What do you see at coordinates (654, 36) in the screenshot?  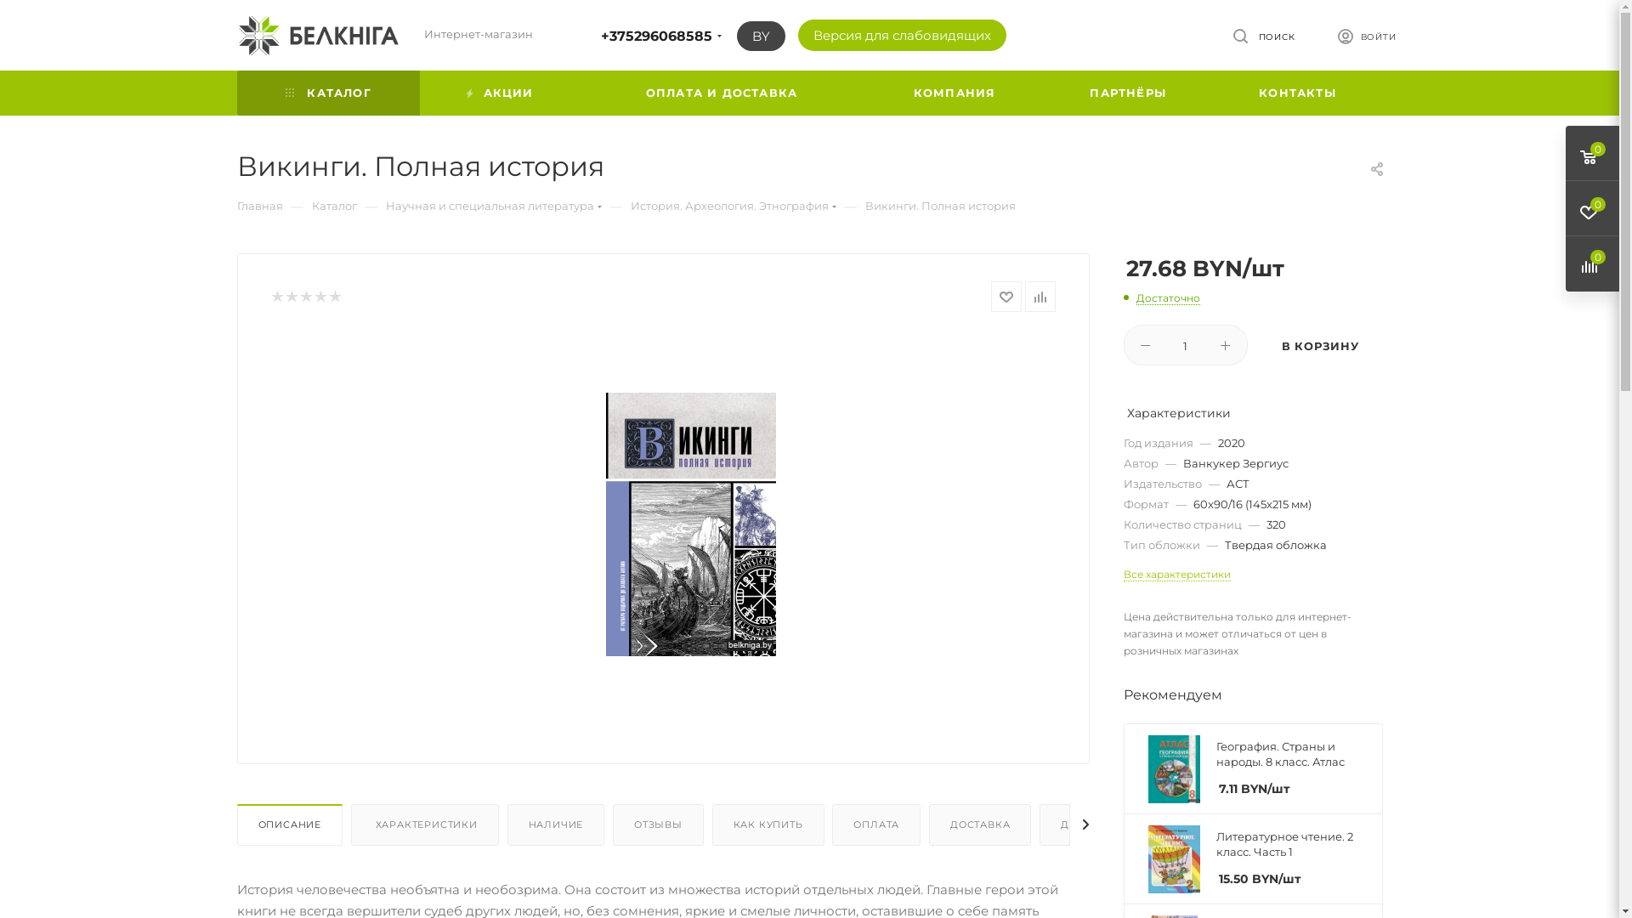 I see `'+375296068585'` at bounding box center [654, 36].